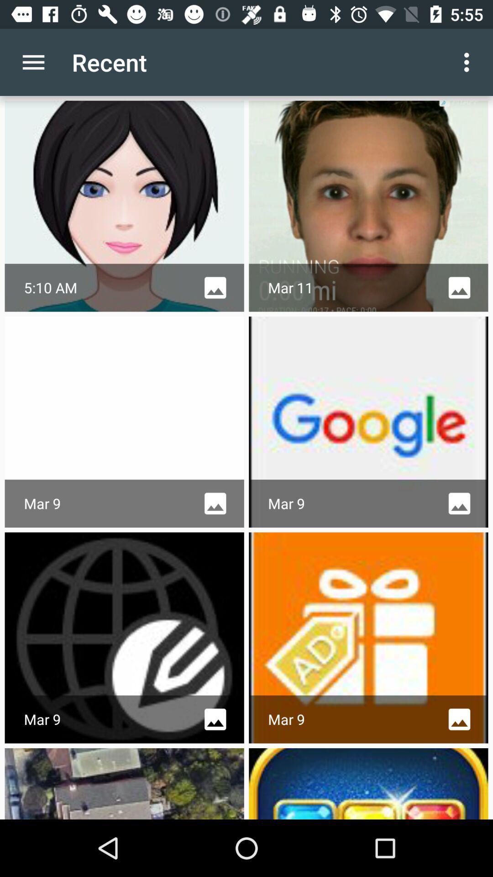 The width and height of the screenshot is (493, 877). I want to click on icon to the right of recent app, so click(469, 62).